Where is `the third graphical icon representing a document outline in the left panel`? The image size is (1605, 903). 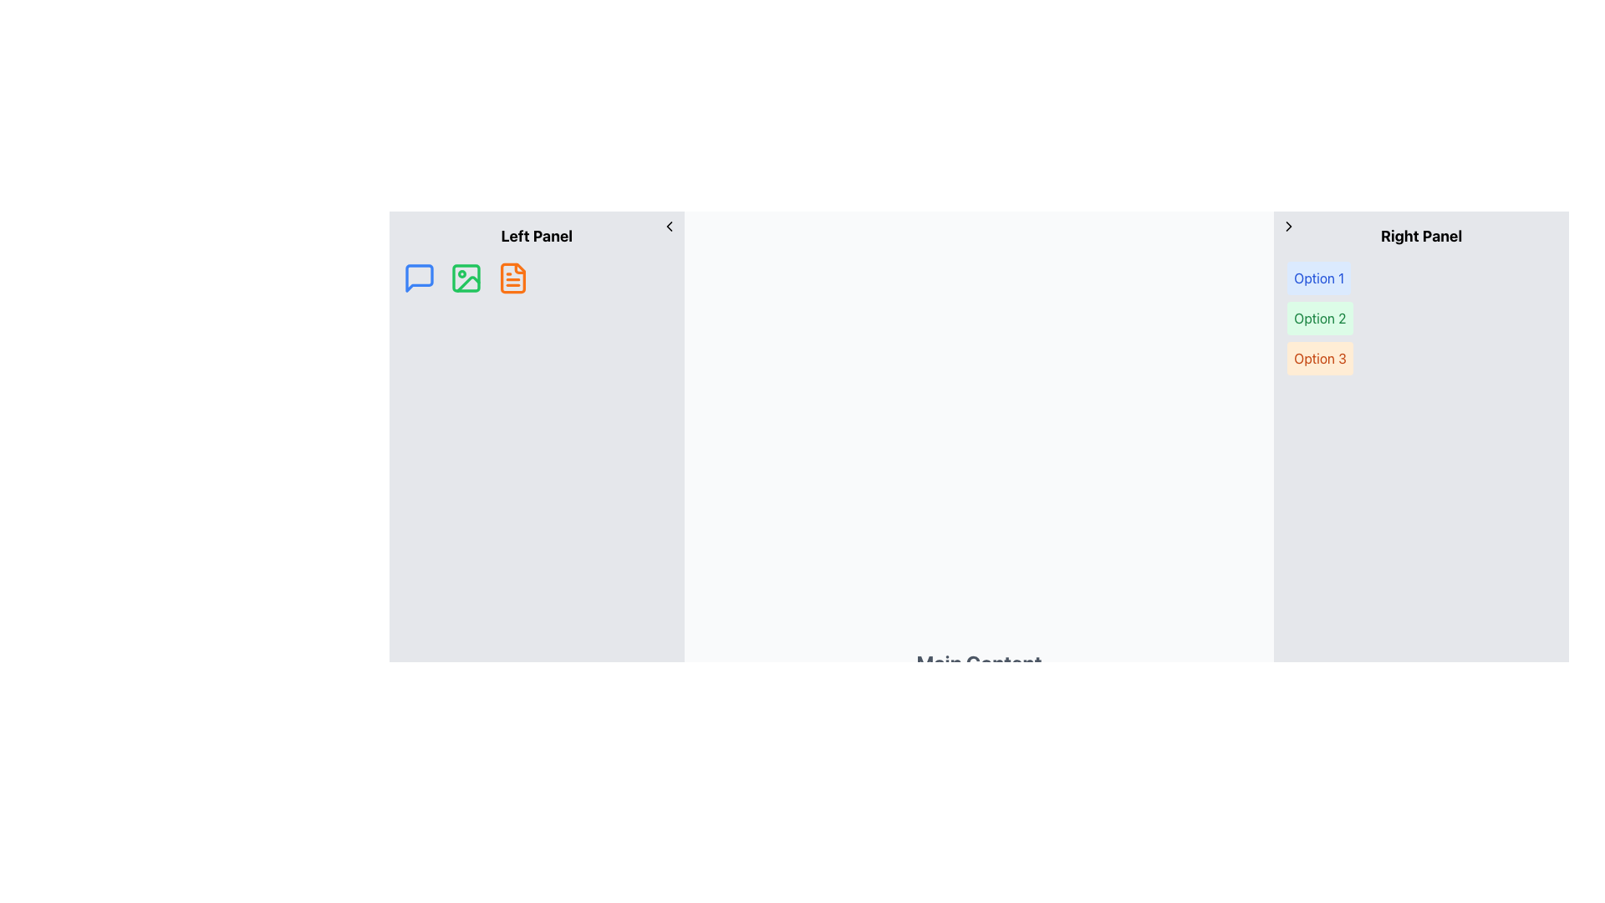
the third graphical icon representing a document outline in the left panel is located at coordinates (512, 277).